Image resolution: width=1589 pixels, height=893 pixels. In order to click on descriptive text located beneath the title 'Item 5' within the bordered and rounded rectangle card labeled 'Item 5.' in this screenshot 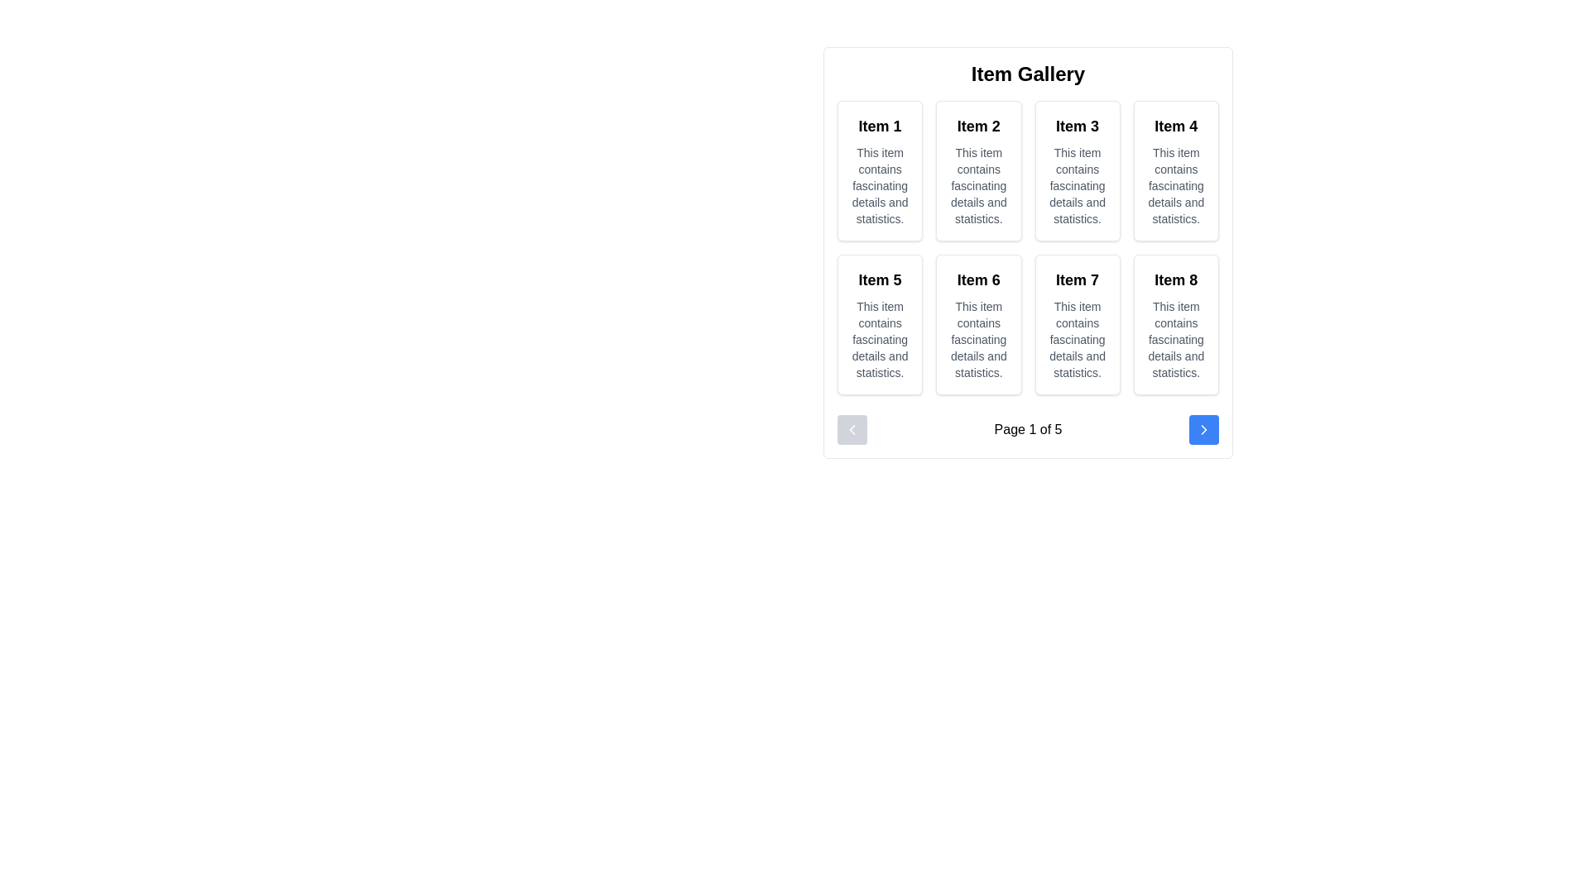, I will do `click(879, 339)`.